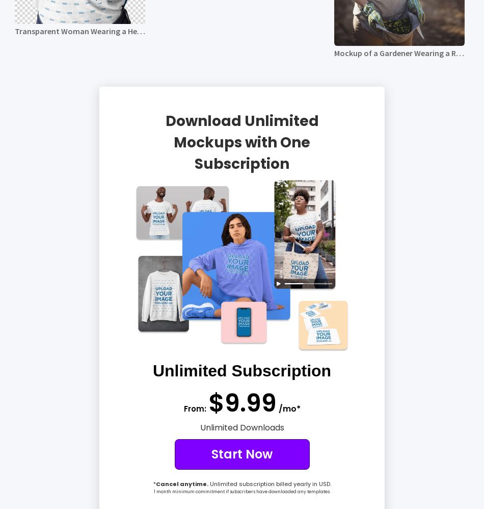 This screenshot has height=509, width=484. Describe the element at coordinates (241, 491) in the screenshot. I see `'1 month minimum commitment if subscribers have downloaded any templates.'` at that location.